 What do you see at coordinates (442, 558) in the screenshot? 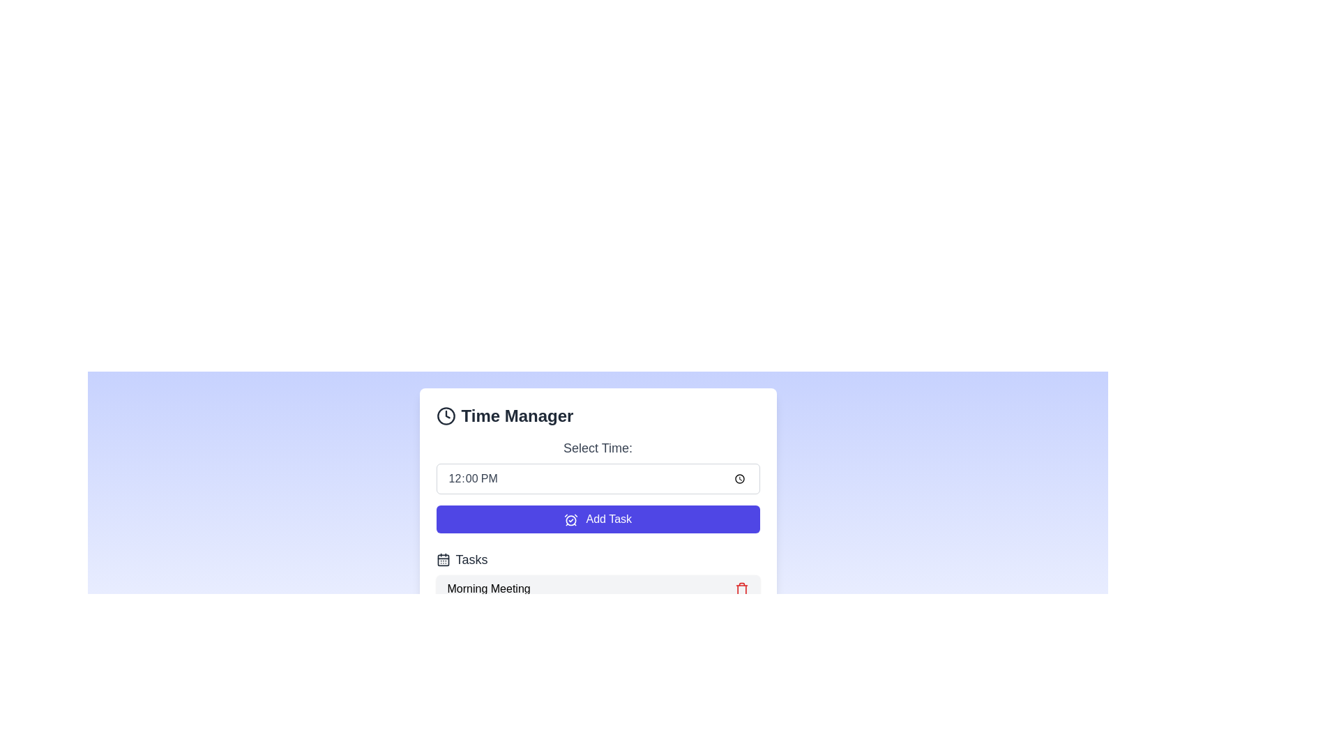
I see `the icon representing tasks categorized by days or calendar events, which is located to the left of the 'Tasks' label in the 'Tasks' section` at bounding box center [442, 558].